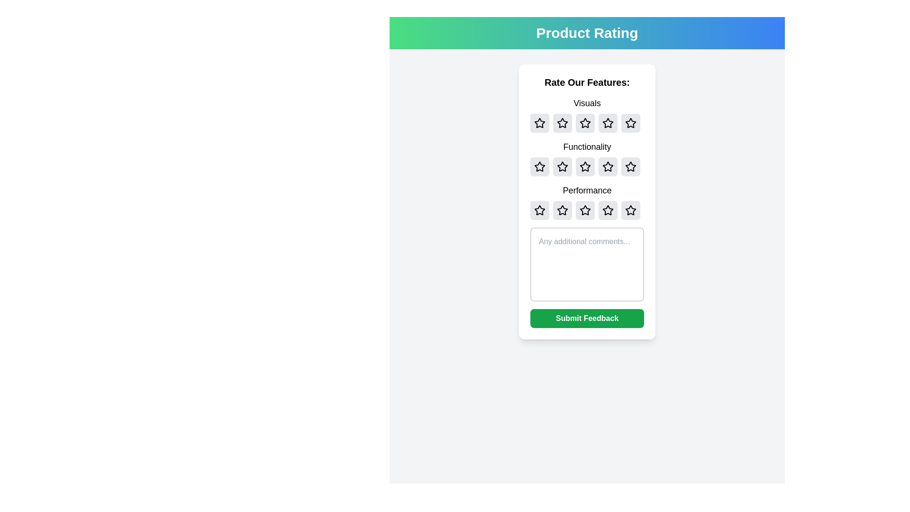 This screenshot has height=512, width=910. Describe the element at coordinates (608, 122) in the screenshot. I see `the star icon` at that location.